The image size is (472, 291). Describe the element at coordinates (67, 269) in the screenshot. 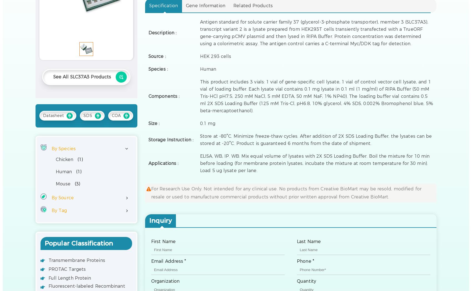

I see `'PROTAC Targets'` at that location.